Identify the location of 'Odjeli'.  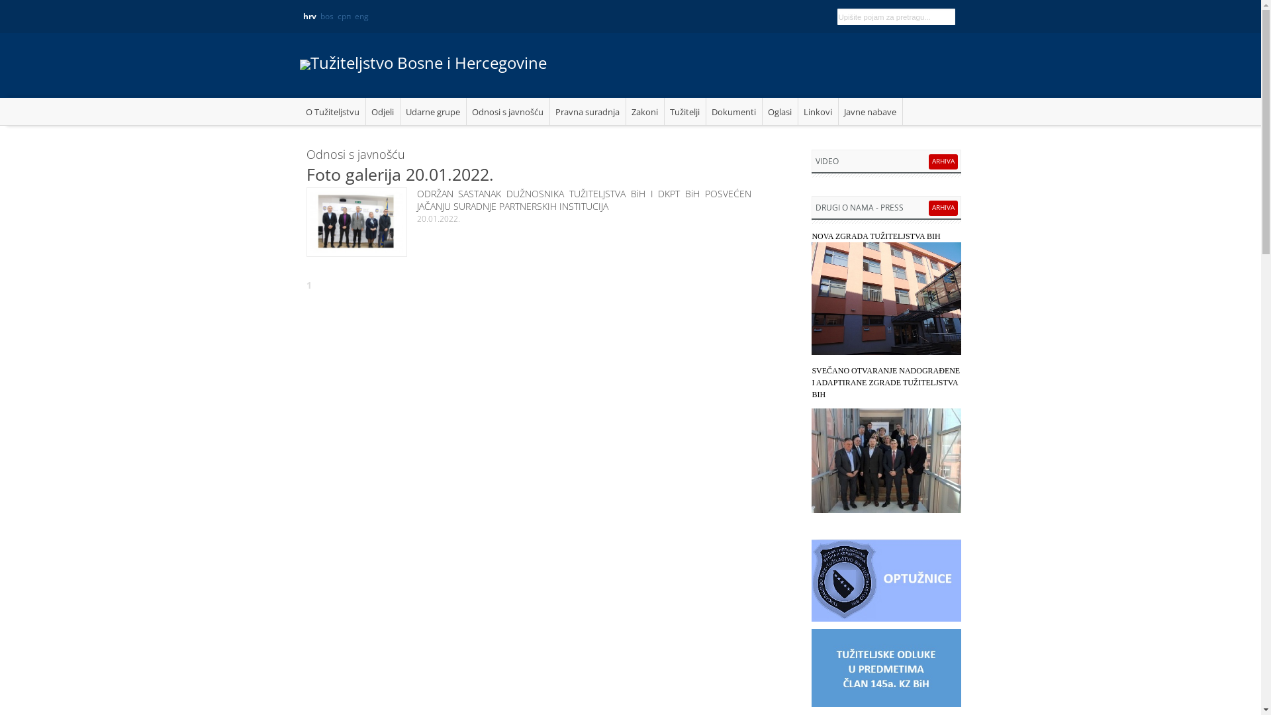
(381, 111).